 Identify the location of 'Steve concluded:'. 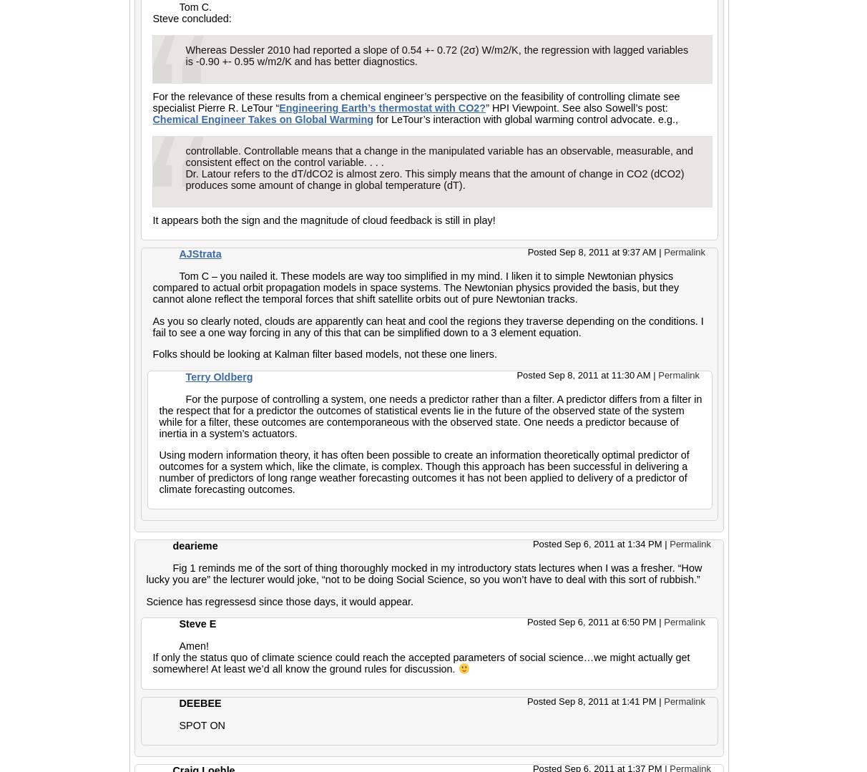
(191, 19).